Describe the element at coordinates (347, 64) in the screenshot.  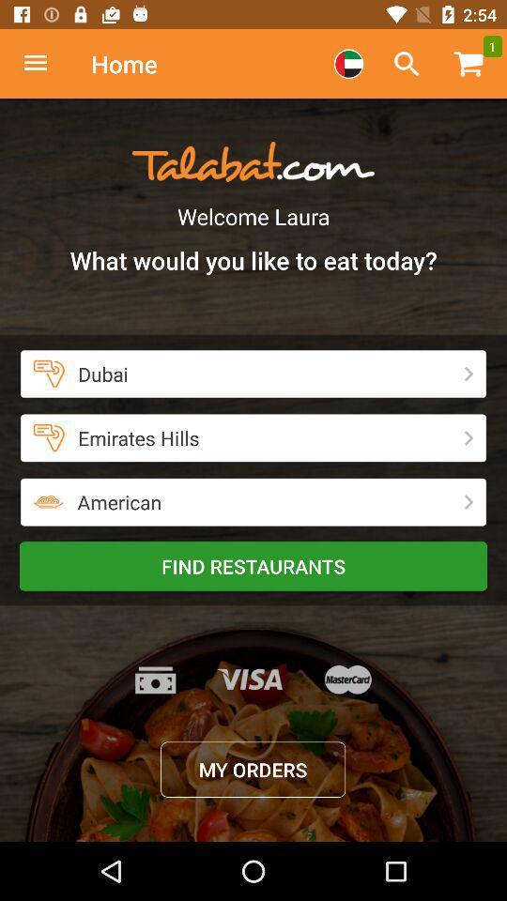
I see `country flag` at that location.